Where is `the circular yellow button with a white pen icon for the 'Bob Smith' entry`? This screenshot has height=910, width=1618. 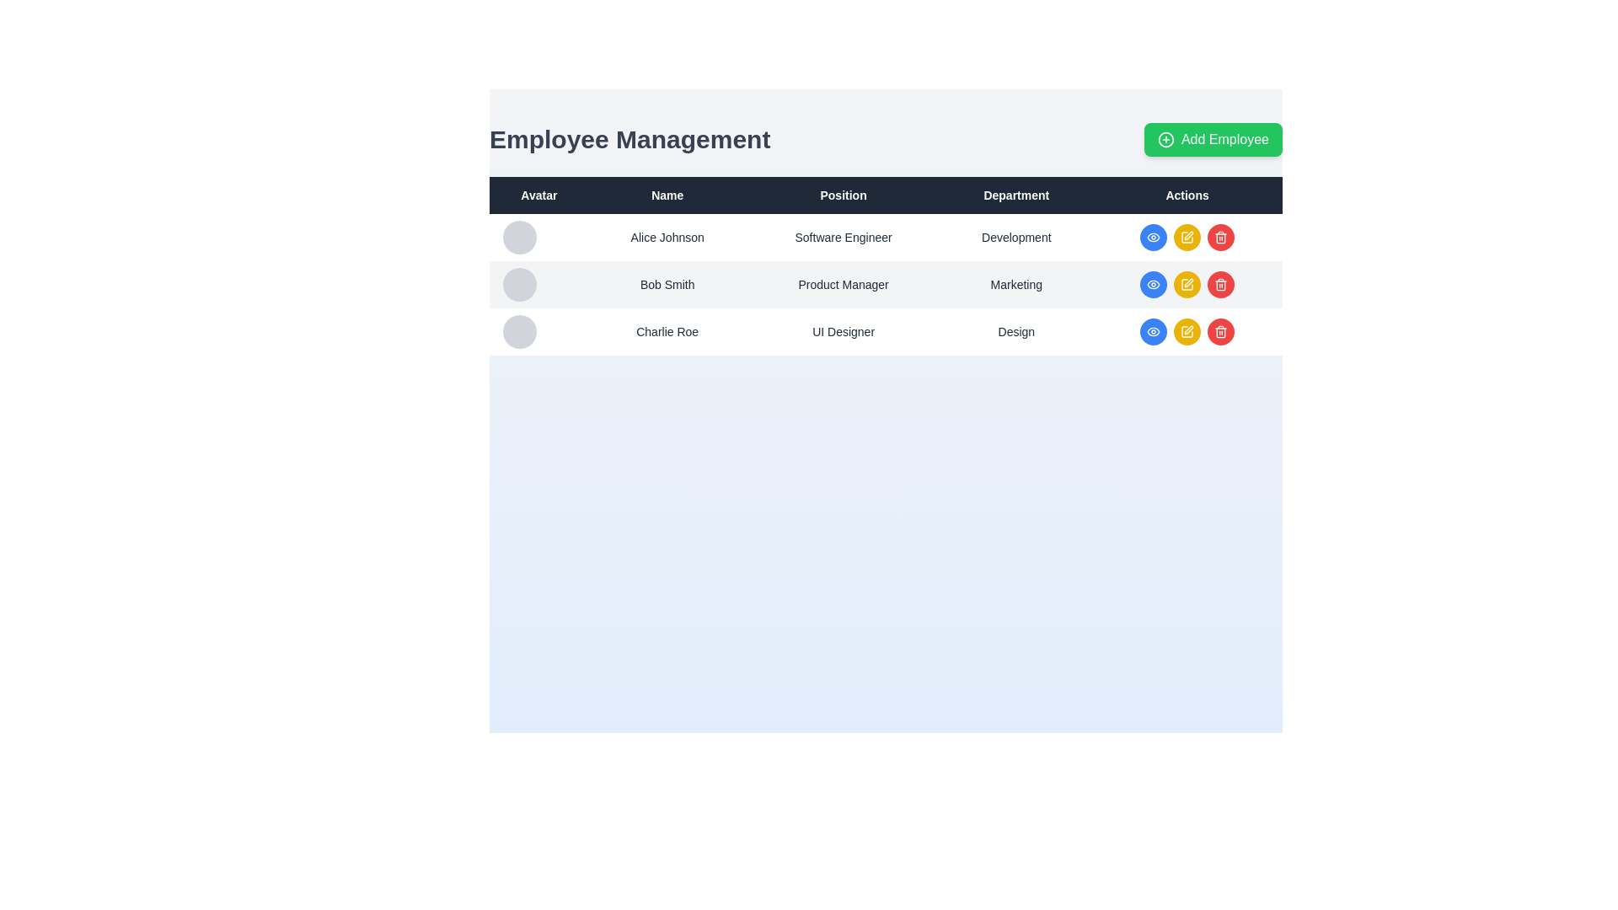
the circular yellow button with a white pen icon for the 'Bob Smith' entry is located at coordinates (1187, 284).